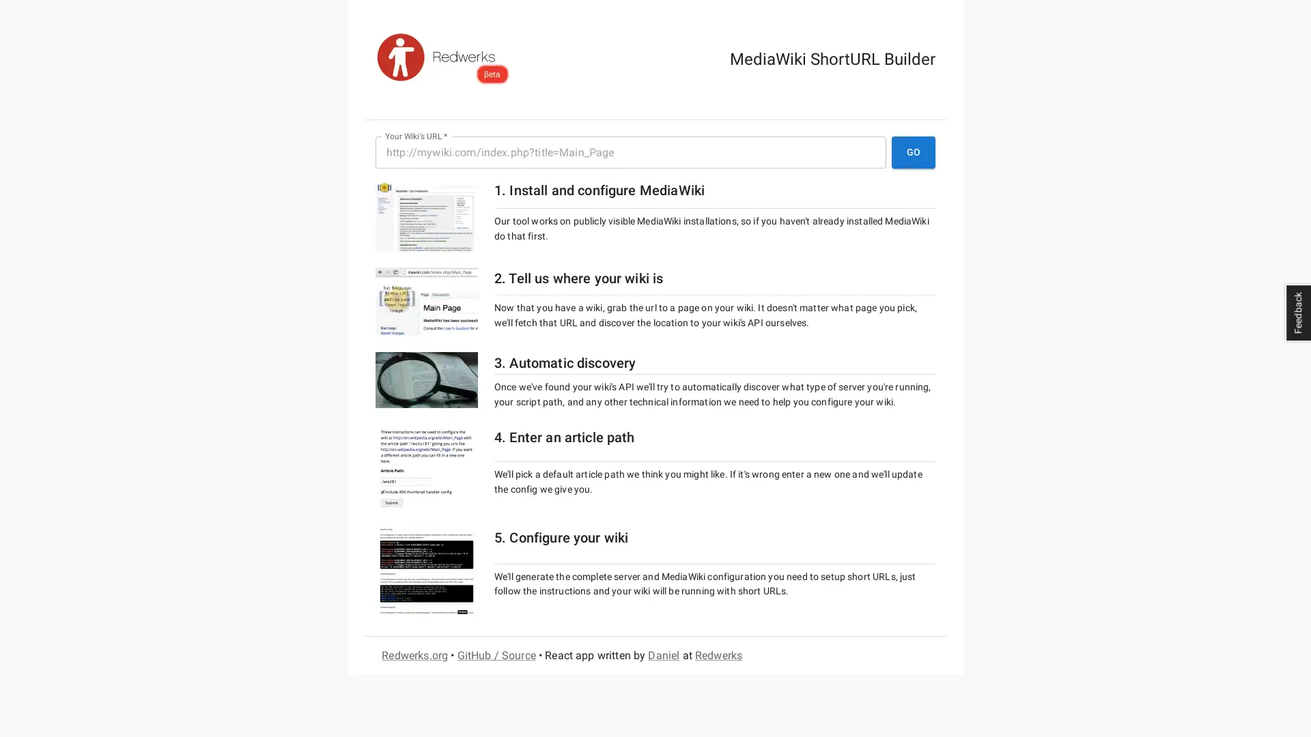  I want to click on GO, so click(914, 152).